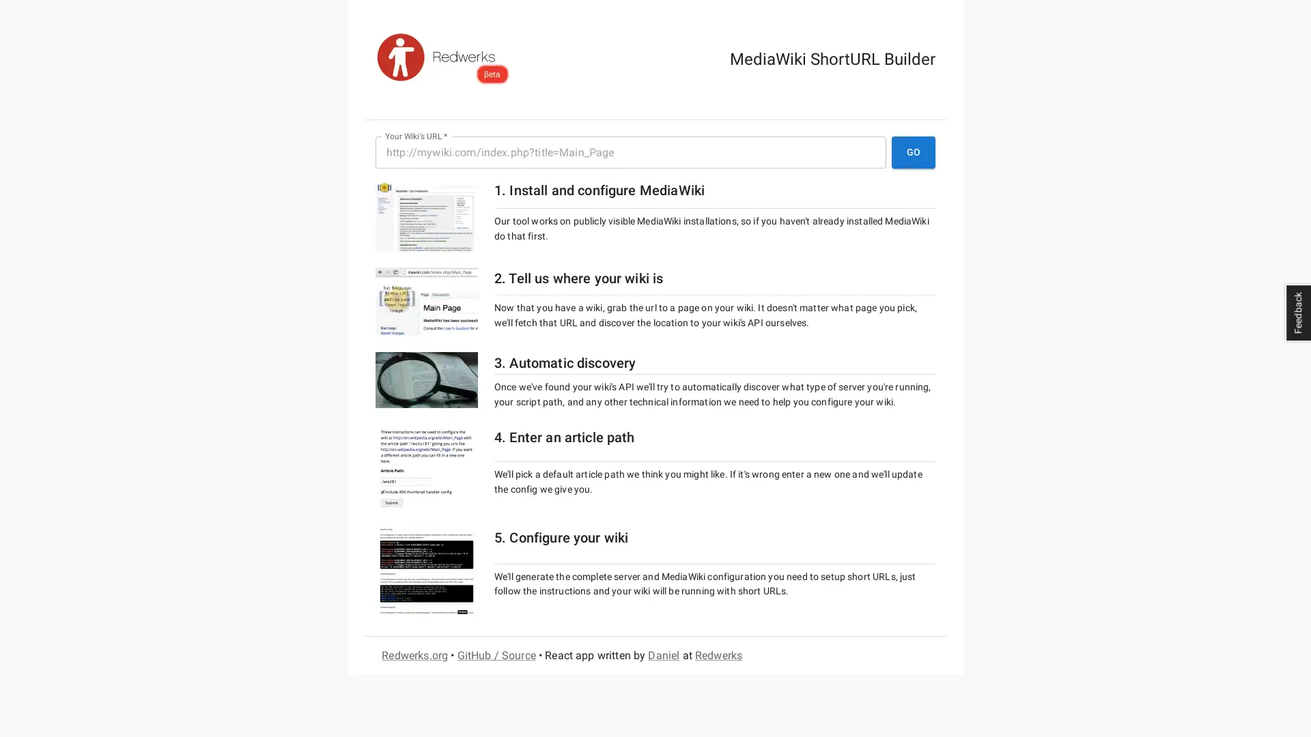  I want to click on GO, so click(914, 152).